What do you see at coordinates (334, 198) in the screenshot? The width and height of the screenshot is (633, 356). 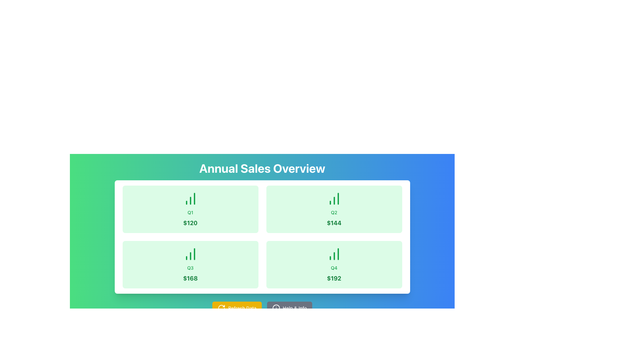 I see `the stylized bar chart icon representing data in the dashboard interface` at bounding box center [334, 198].